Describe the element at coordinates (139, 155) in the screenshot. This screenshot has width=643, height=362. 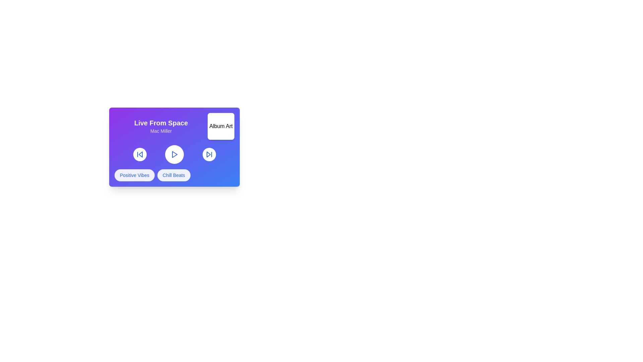
I see `the skip-backward button, which is represented by a left-facing double arrow enclosed in a circular button, located at the bottom-left corner of the music player controls` at that location.